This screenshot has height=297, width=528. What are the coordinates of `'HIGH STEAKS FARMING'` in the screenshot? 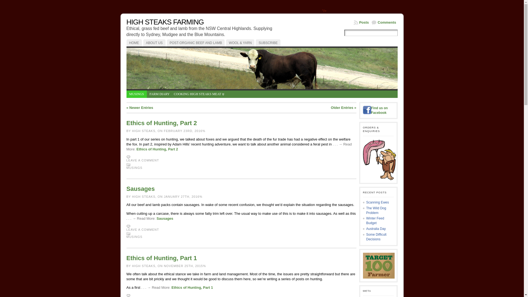 It's located at (165, 22).